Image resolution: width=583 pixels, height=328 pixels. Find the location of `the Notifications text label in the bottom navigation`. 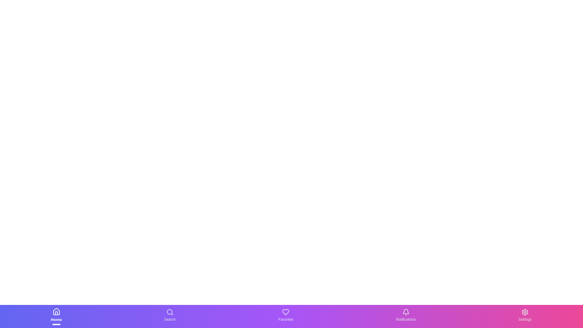

the Notifications text label in the bottom navigation is located at coordinates (406, 316).